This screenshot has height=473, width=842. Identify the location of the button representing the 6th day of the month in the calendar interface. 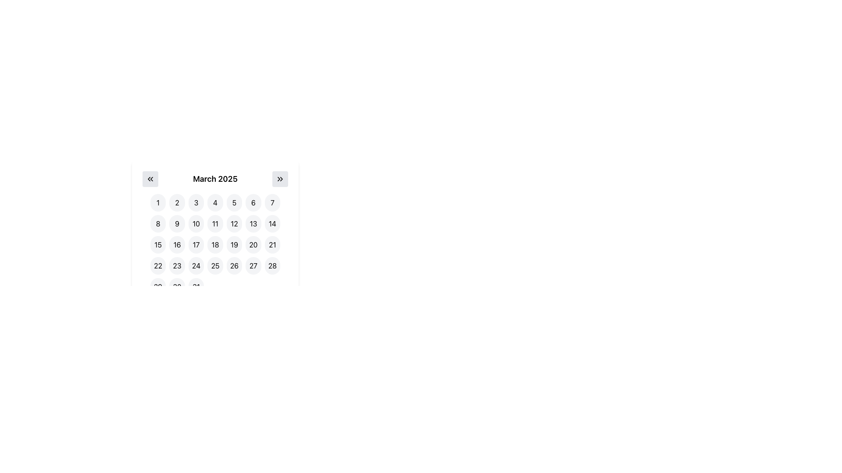
(253, 202).